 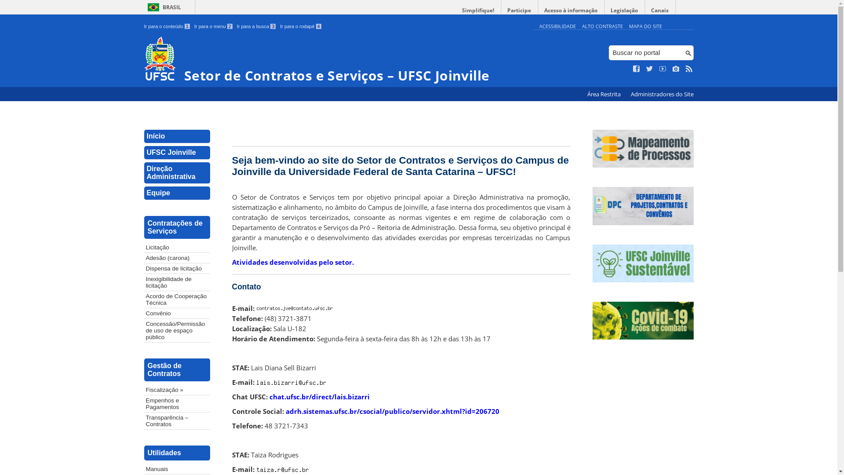 I want to click on 'chat.ufsc.br/direct/lais.bizarri', so click(x=318, y=397).